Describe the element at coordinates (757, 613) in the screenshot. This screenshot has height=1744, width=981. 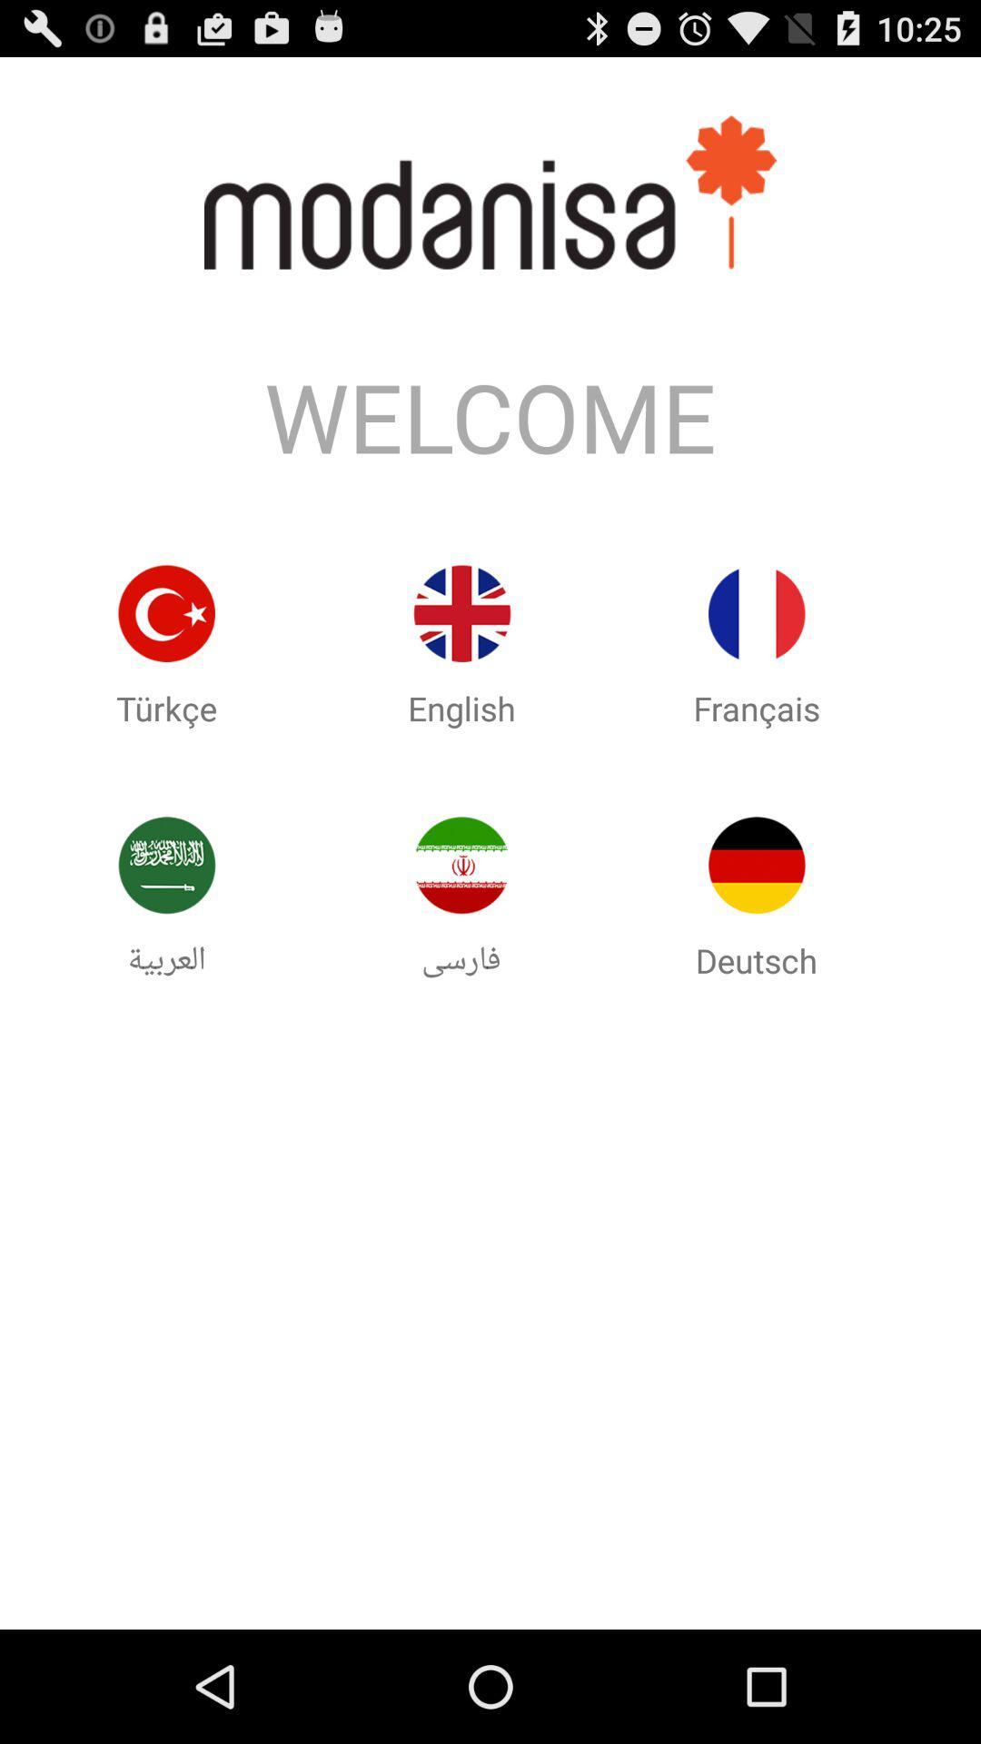
I see `selects country` at that location.